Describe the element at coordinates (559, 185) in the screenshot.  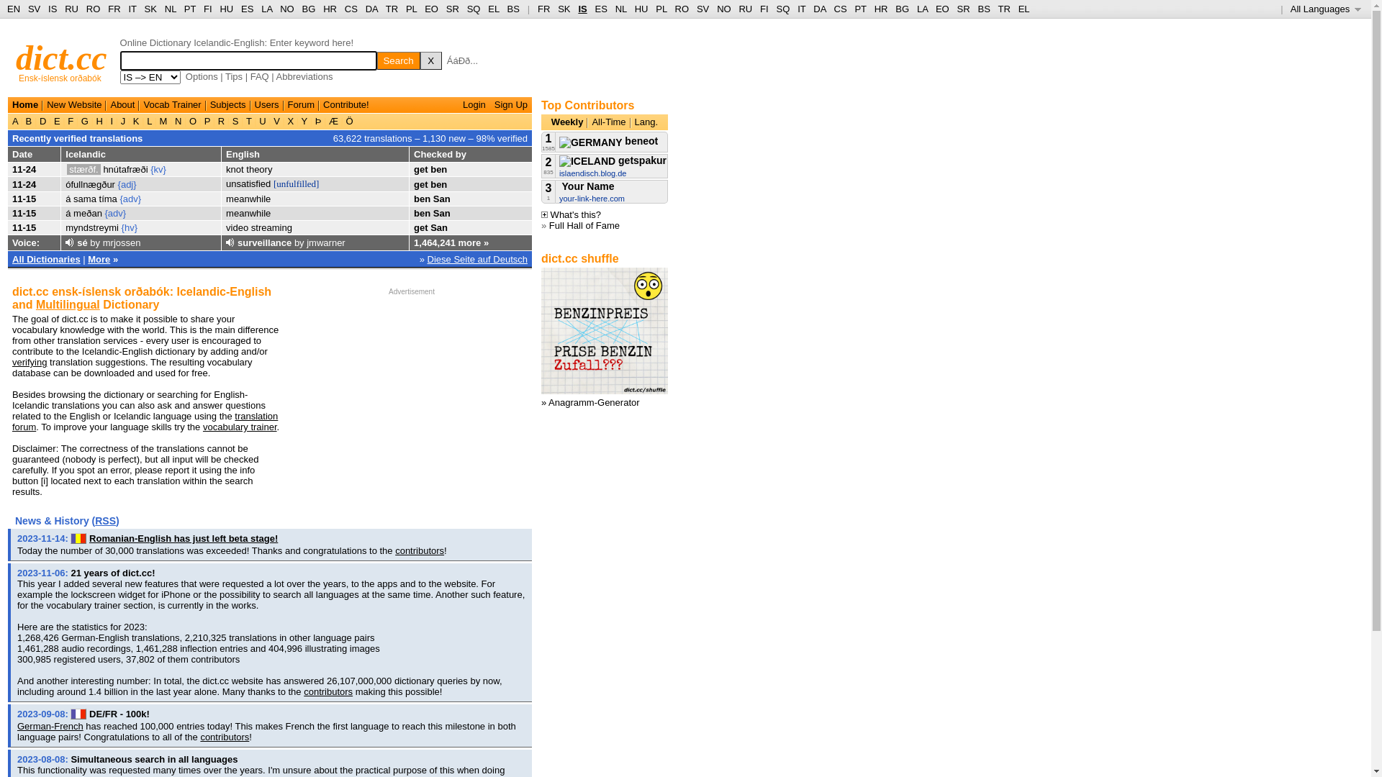
I see `'Your Name'` at that location.